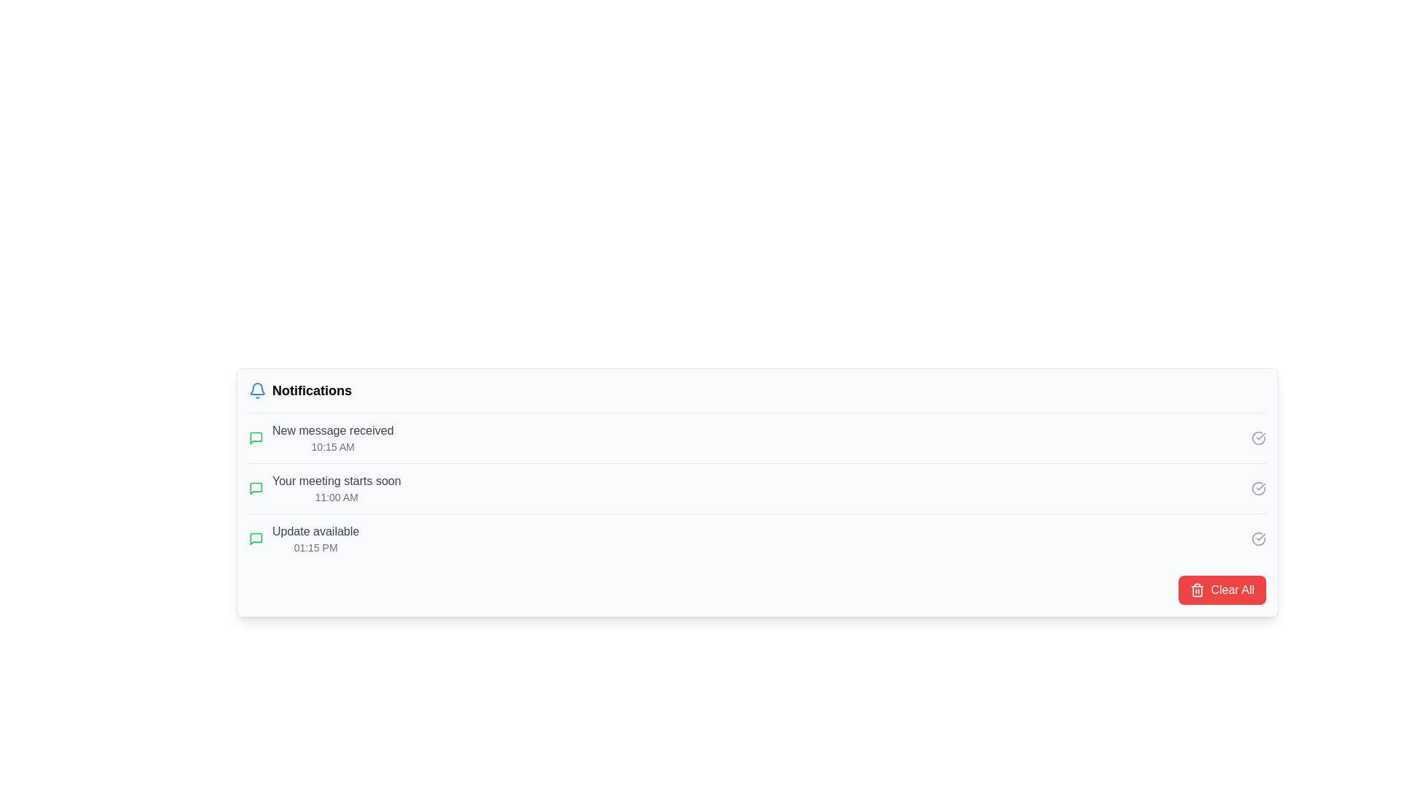 The height and width of the screenshot is (789, 1402). What do you see at coordinates (1222, 589) in the screenshot?
I see `the 'Clear All' button, which is a rectangular button with a red background and white text, located at the bottom right of the notification interface` at bounding box center [1222, 589].